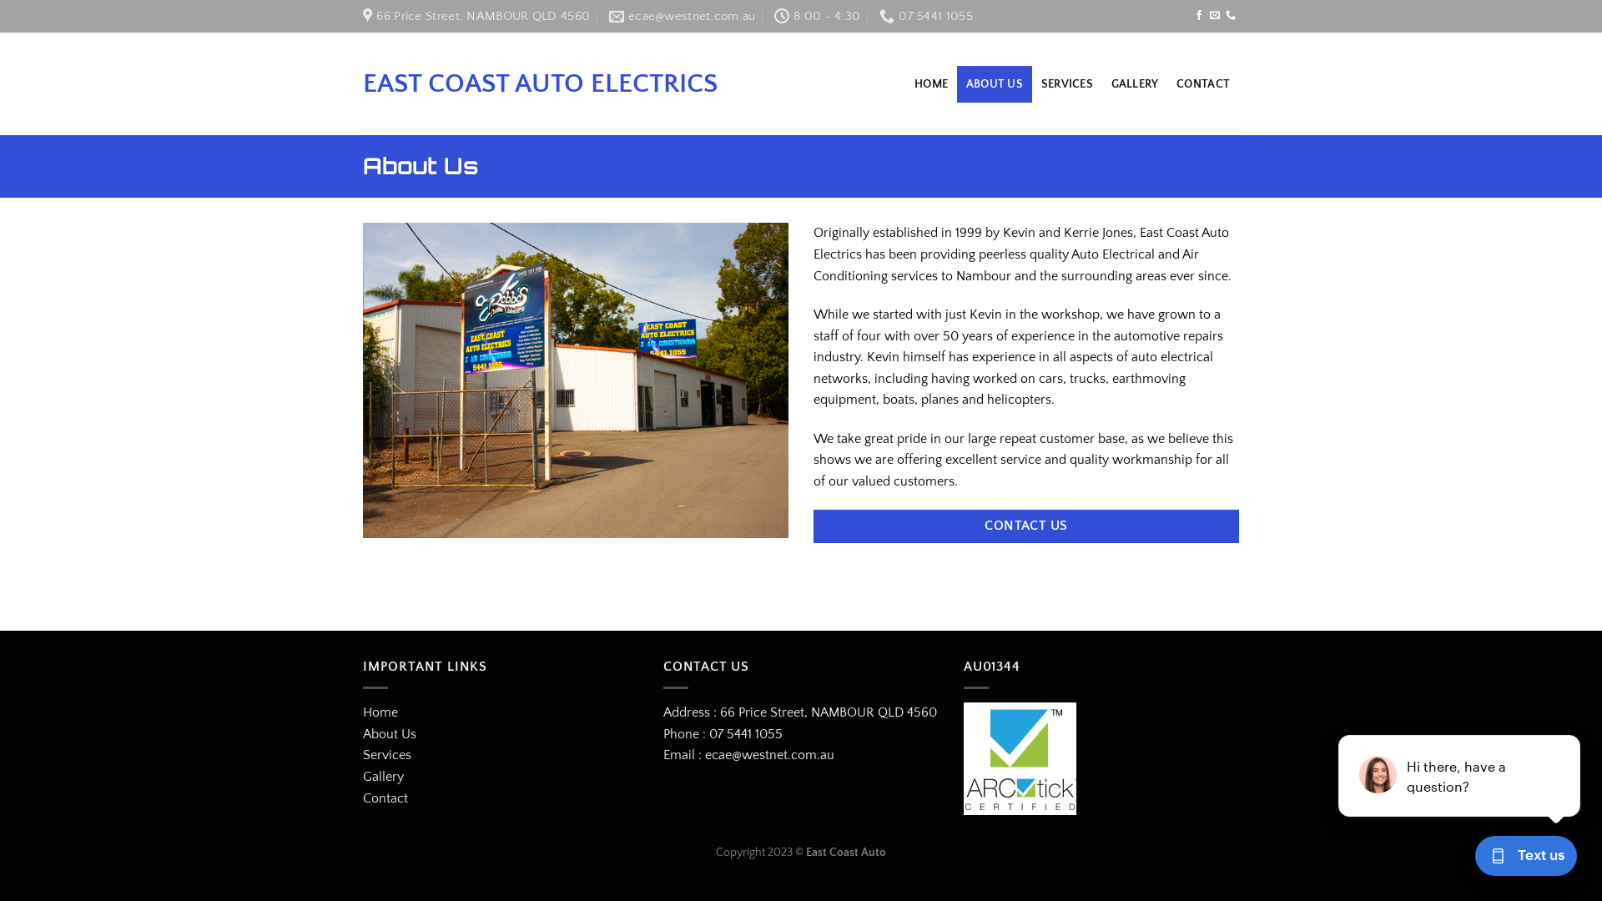 Image resolution: width=1602 pixels, height=901 pixels. Describe the element at coordinates (382, 778) in the screenshot. I see `'Gallery'` at that location.